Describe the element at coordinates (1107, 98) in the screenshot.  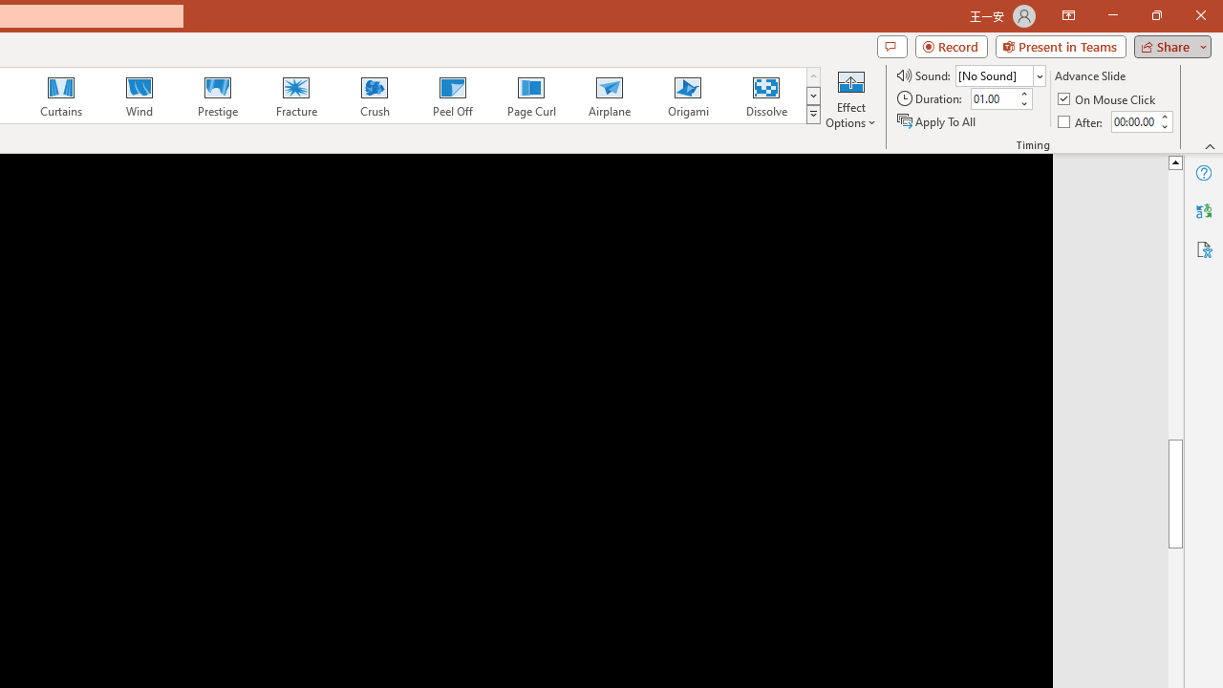
I see `'On Mouse Click'` at that location.